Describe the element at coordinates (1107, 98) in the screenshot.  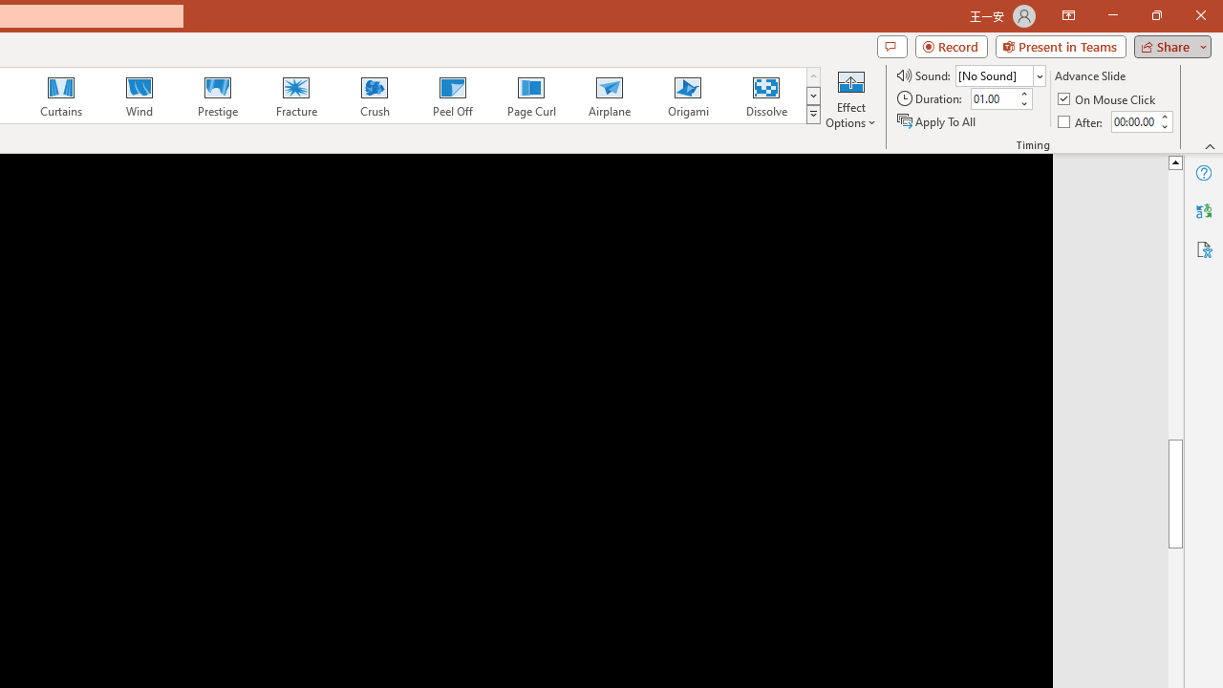
I see `'On Mouse Click'` at that location.